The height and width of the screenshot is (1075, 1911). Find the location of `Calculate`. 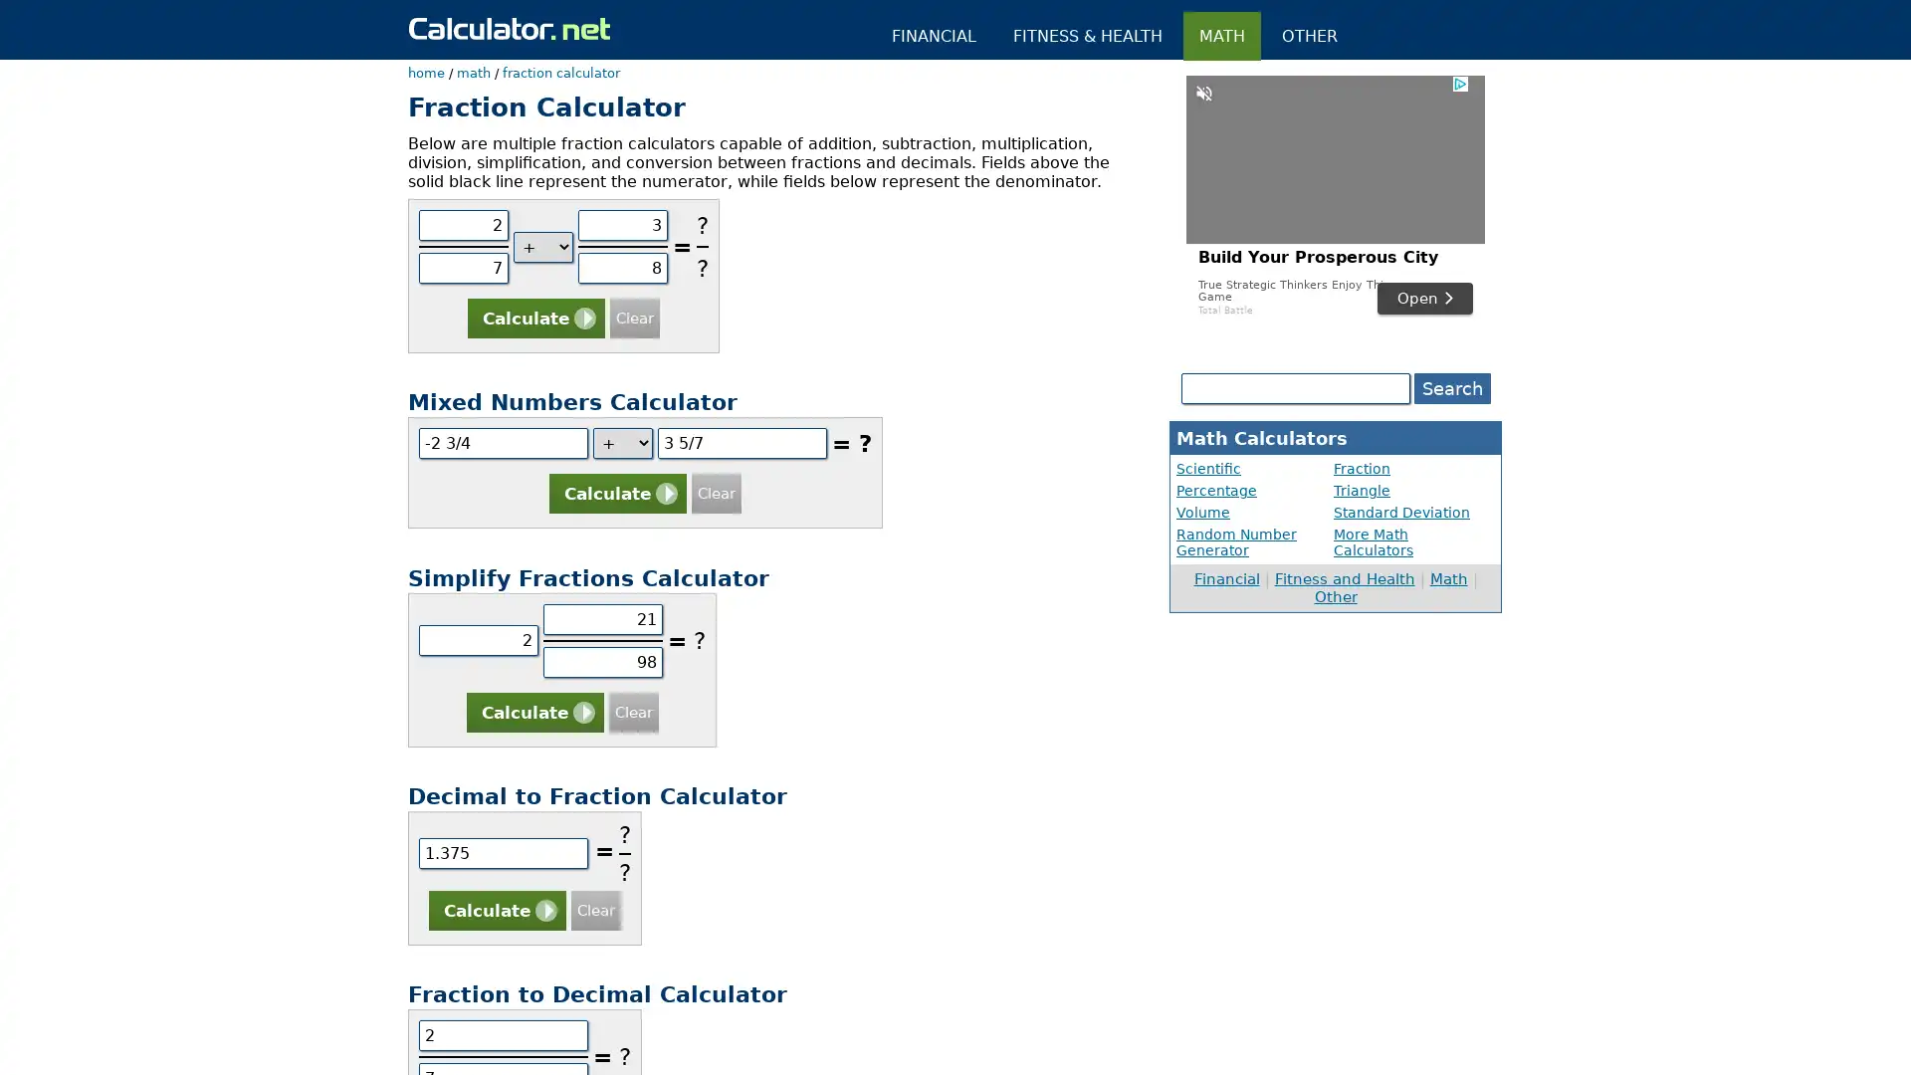

Calculate is located at coordinates (497, 910).